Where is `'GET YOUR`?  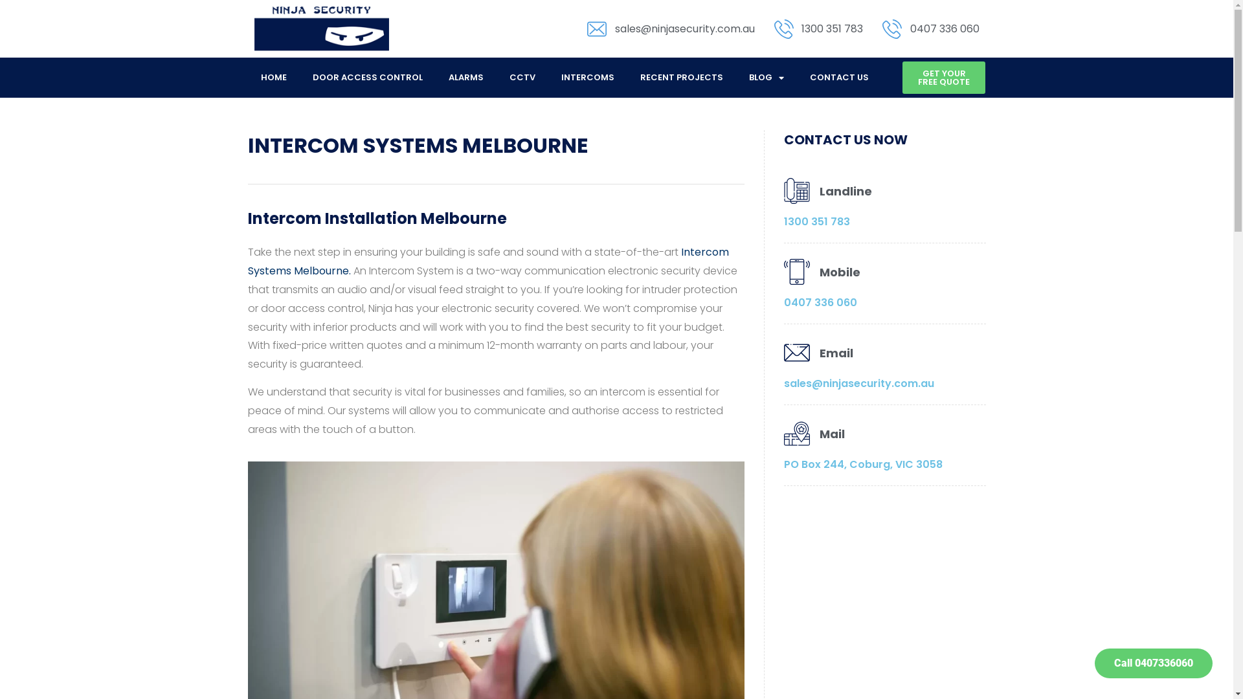
'GET YOUR is located at coordinates (901, 77).